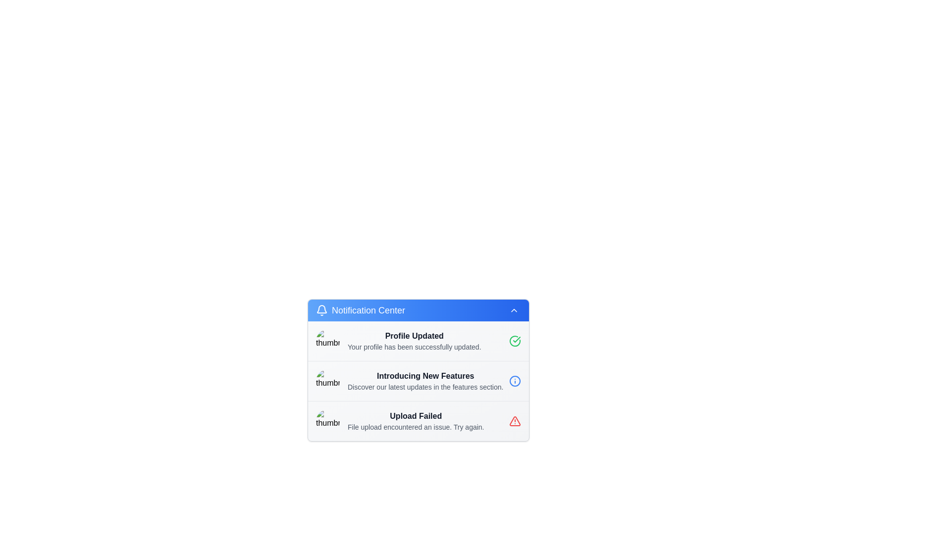  Describe the element at coordinates (418, 341) in the screenshot. I see `text content of the first notification entry in the Notification Center, which includes the bolded title 'Profile Updated' and the descriptive text 'Your profile has been successfully updated.'` at that location.